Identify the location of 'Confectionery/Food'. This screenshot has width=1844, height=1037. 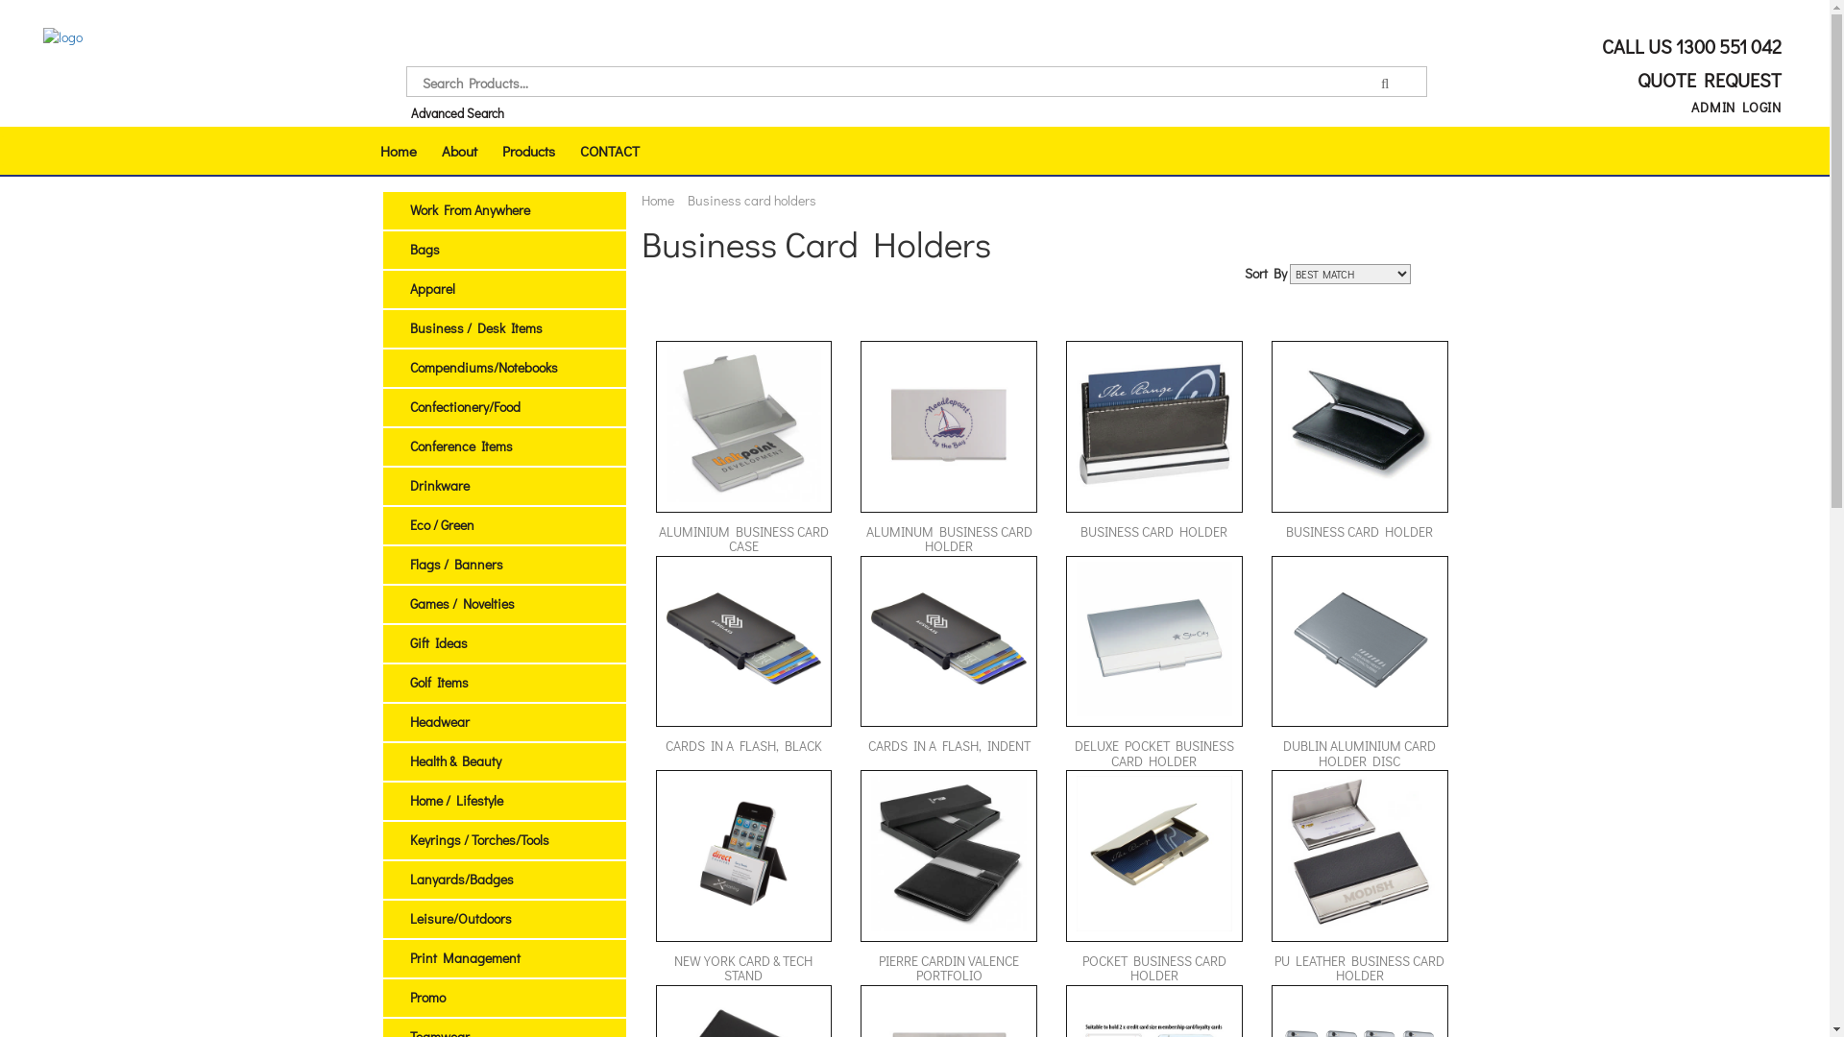
(464, 405).